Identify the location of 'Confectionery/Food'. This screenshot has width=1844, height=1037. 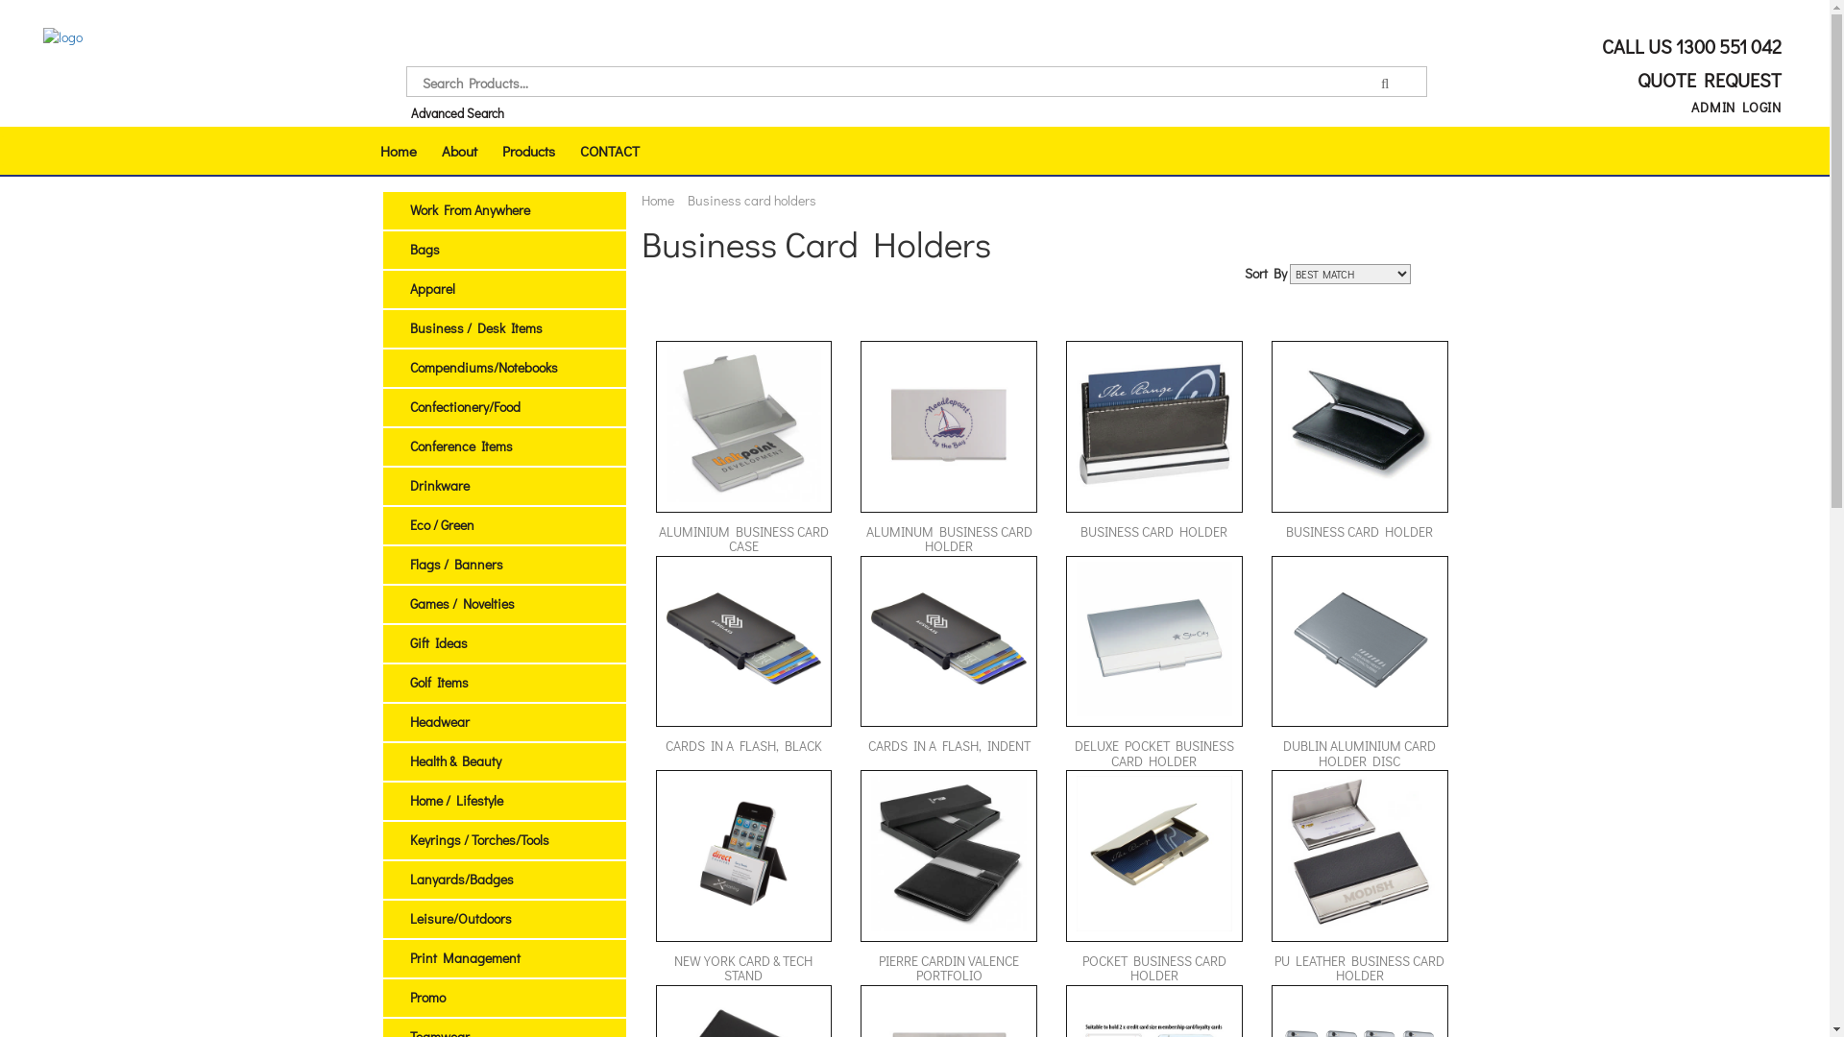
(464, 405).